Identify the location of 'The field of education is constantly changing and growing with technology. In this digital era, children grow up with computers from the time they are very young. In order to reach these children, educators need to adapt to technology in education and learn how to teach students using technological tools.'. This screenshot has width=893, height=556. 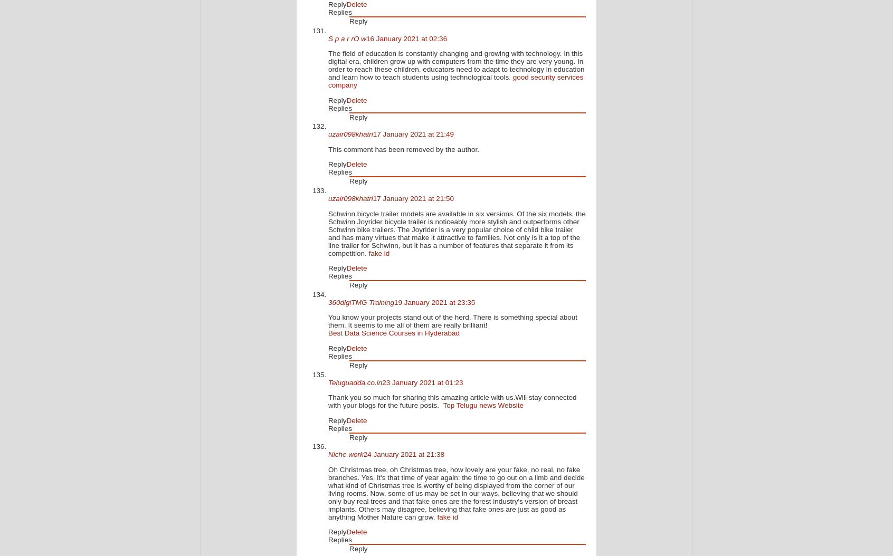
(455, 65).